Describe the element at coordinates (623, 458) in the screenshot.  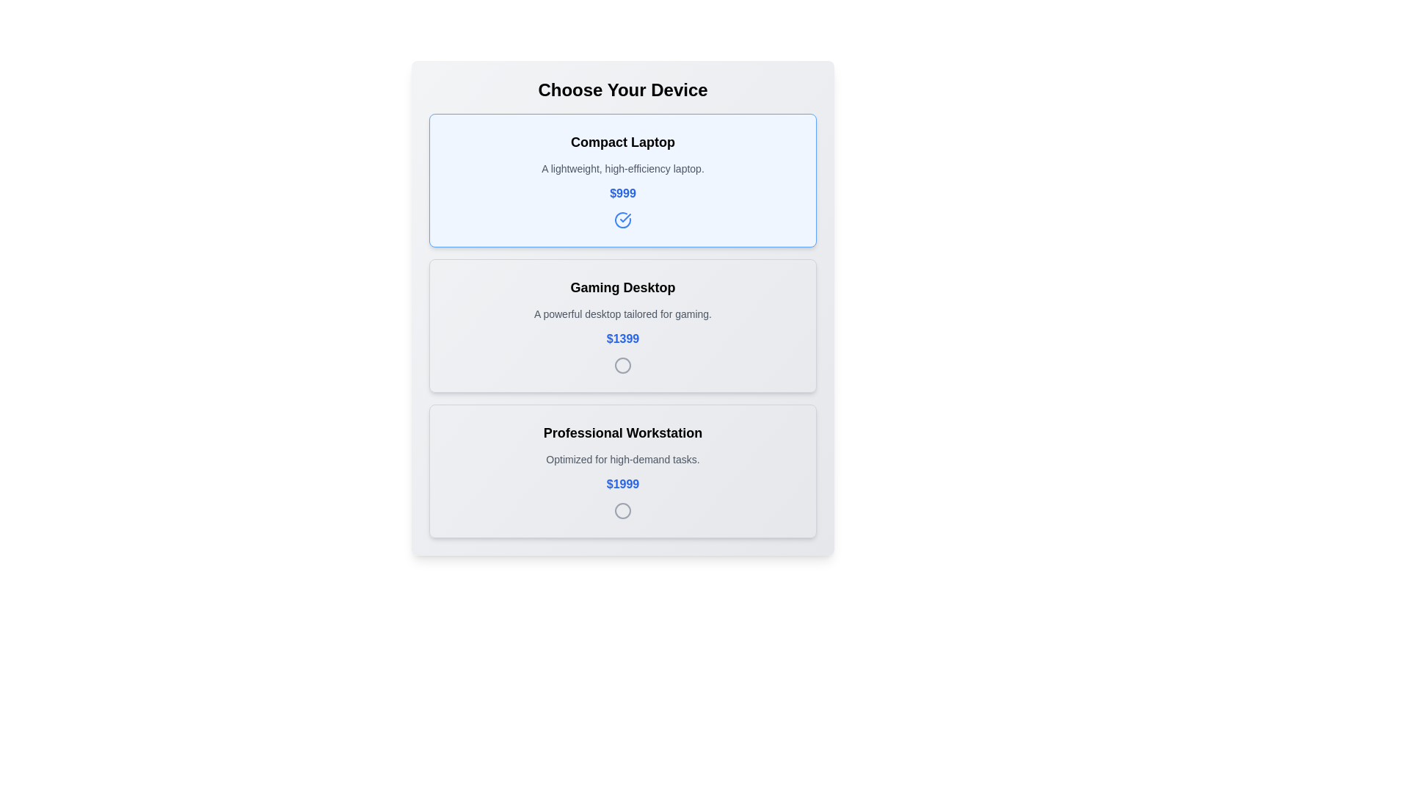
I see `the static text that describes the unique feature or benefit of the 'Professional Workstation' product, which is positioned below the title and above the price in the third card of the vertical list` at that location.